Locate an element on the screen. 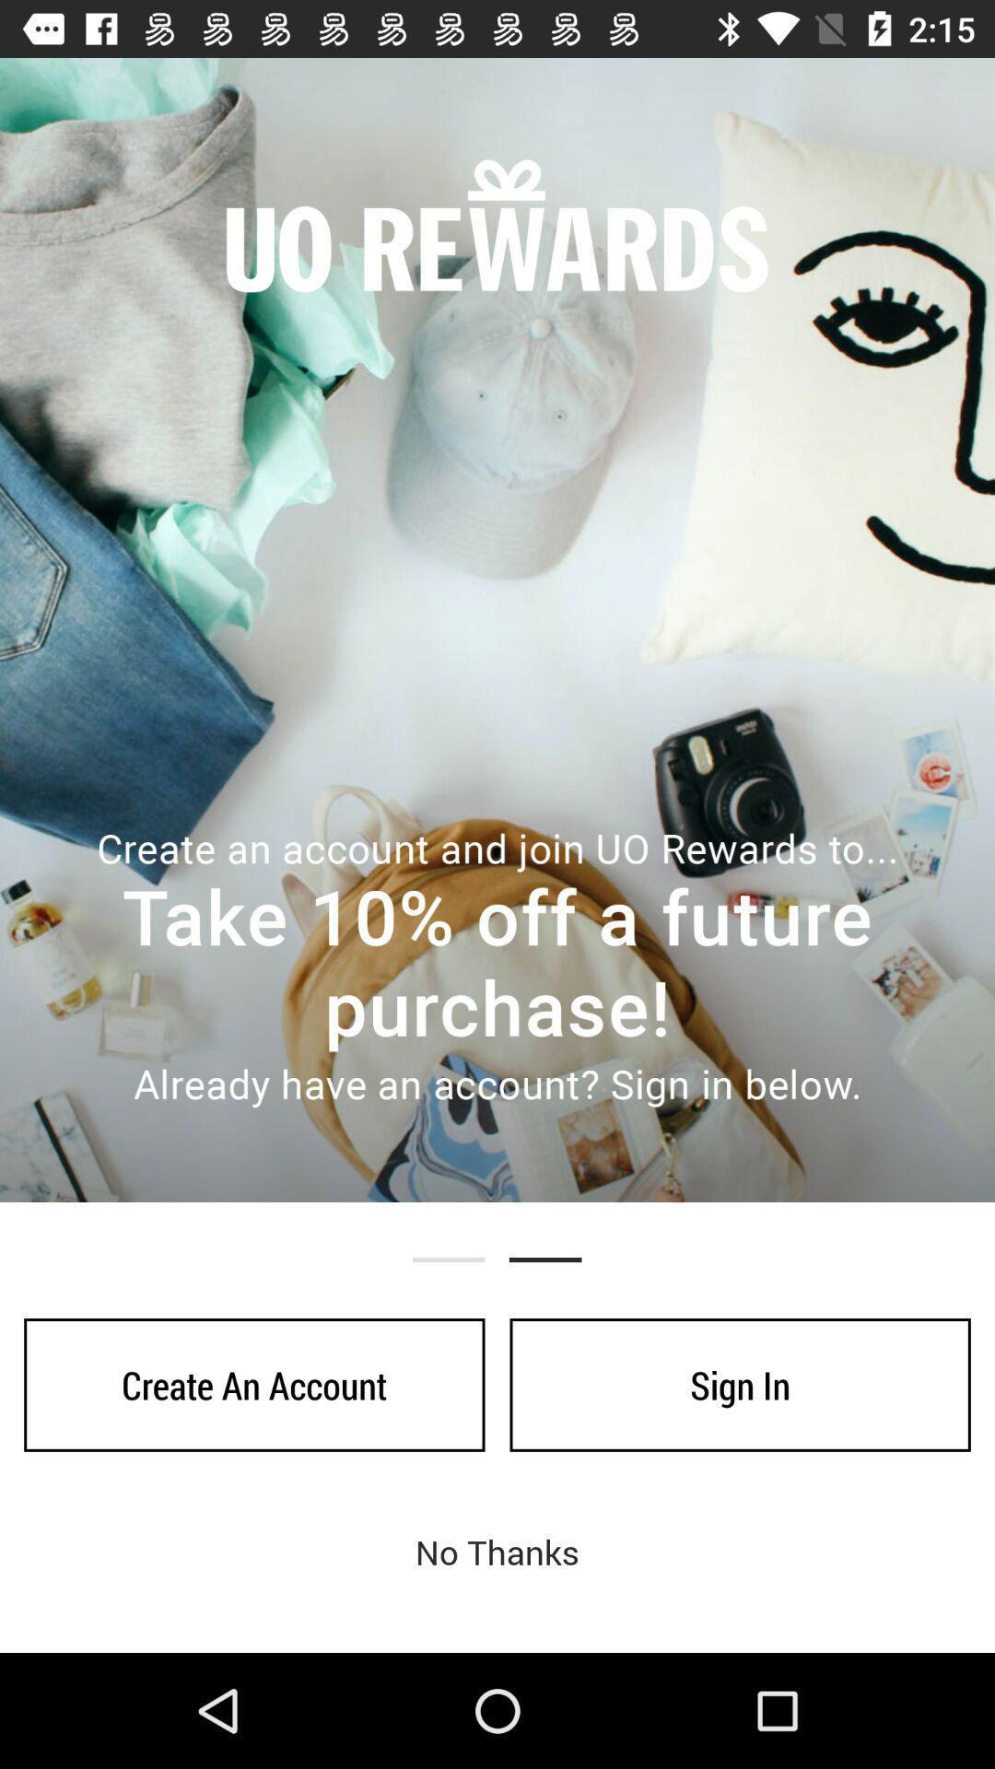 Image resolution: width=995 pixels, height=1769 pixels. create an account is located at coordinates (254, 1385).